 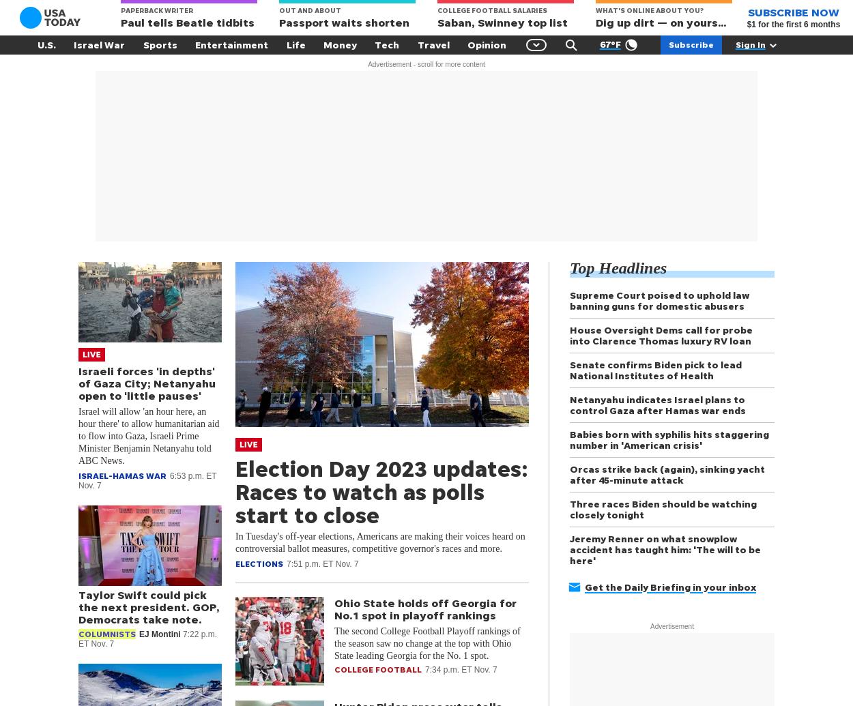 What do you see at coordinates (437, 23) in the screenshot?
I see `'Saban, Swinney top list'` at bounding box center [437, 23].